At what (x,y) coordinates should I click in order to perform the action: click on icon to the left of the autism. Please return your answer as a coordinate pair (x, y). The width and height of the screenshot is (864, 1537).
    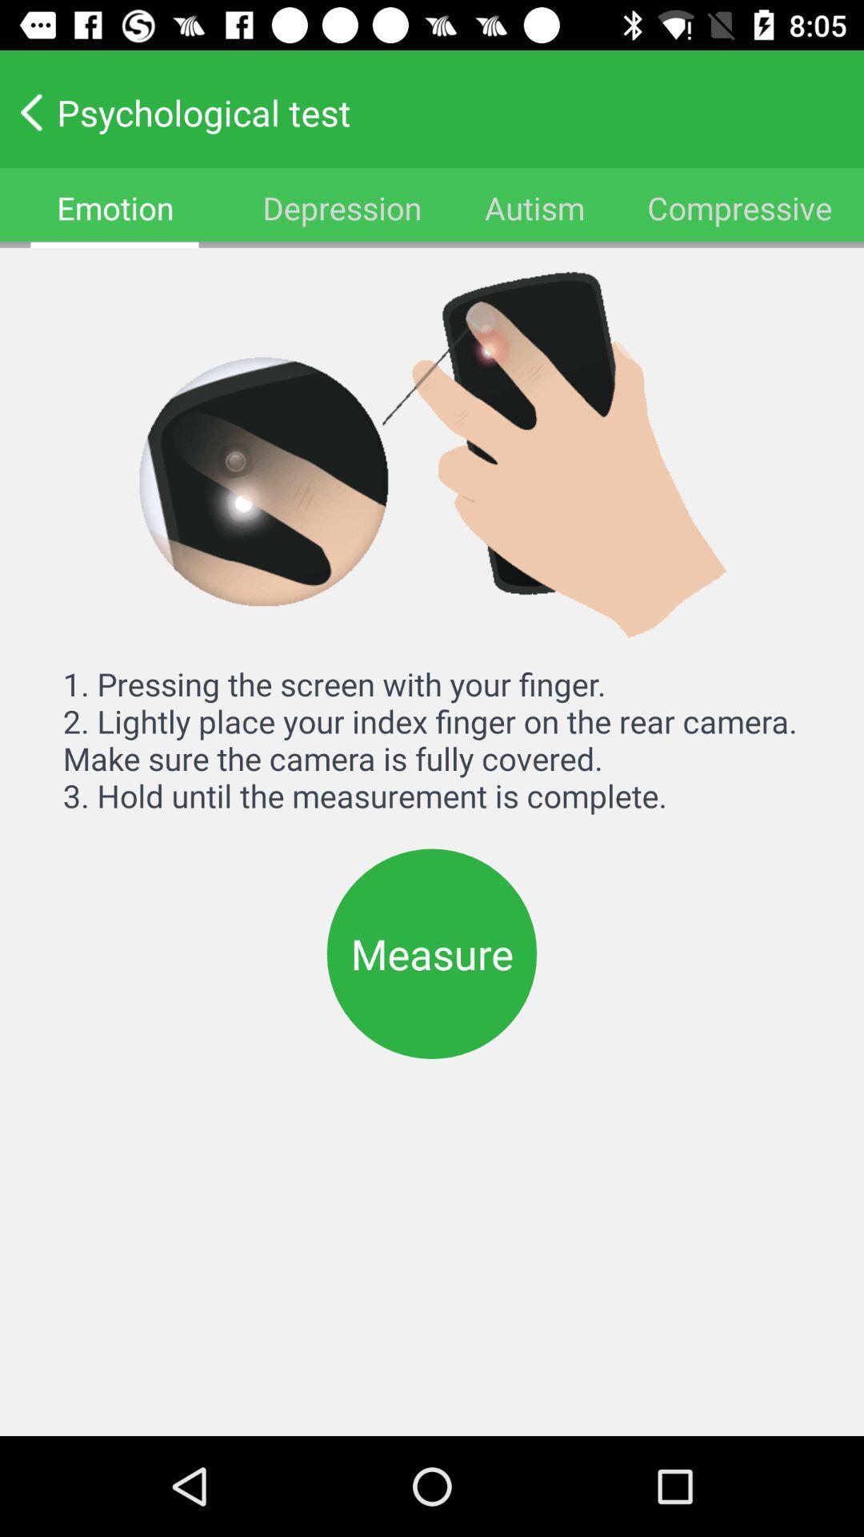
    Looking at the image, I should click on (341, 207).